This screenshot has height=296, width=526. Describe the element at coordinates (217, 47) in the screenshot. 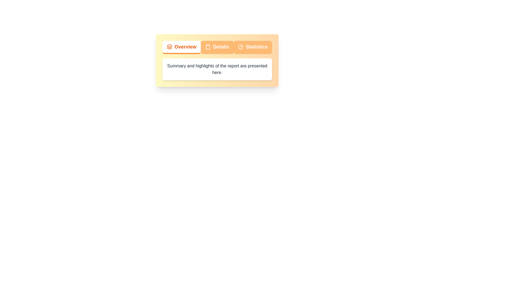

I see `the second button in the horizontal group of three buttons` at that location.